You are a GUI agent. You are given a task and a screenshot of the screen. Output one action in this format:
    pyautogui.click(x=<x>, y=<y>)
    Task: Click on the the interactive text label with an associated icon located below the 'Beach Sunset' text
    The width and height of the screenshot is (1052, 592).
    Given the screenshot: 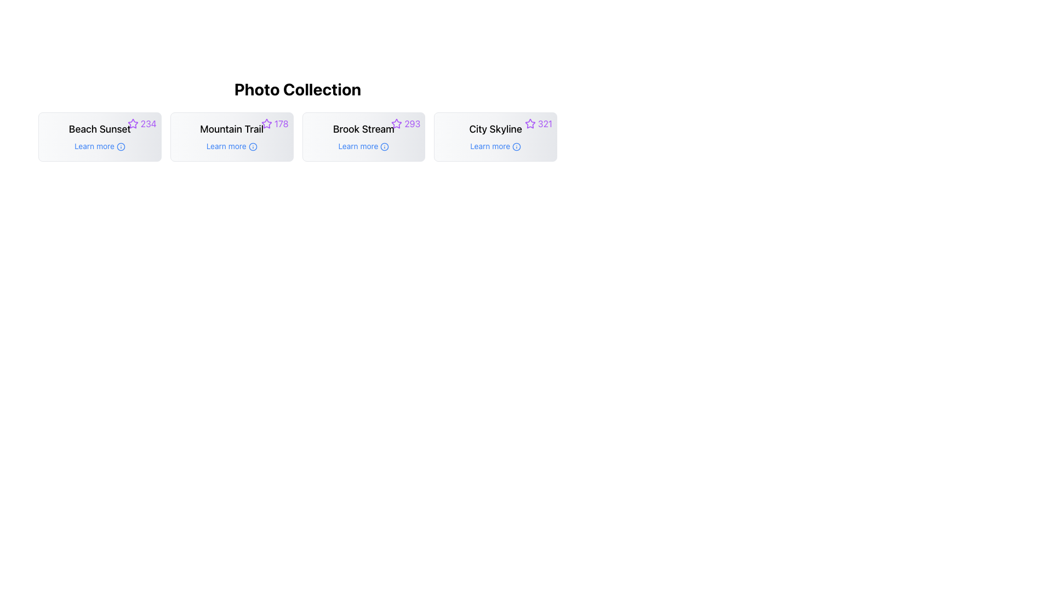 What is the action you would take?
    pyautogui.click(x=100, y=145)
    